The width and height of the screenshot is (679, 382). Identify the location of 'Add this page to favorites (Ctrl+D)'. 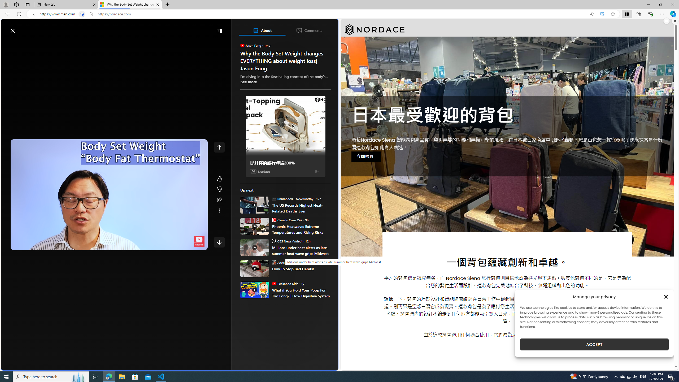
(613, 14).